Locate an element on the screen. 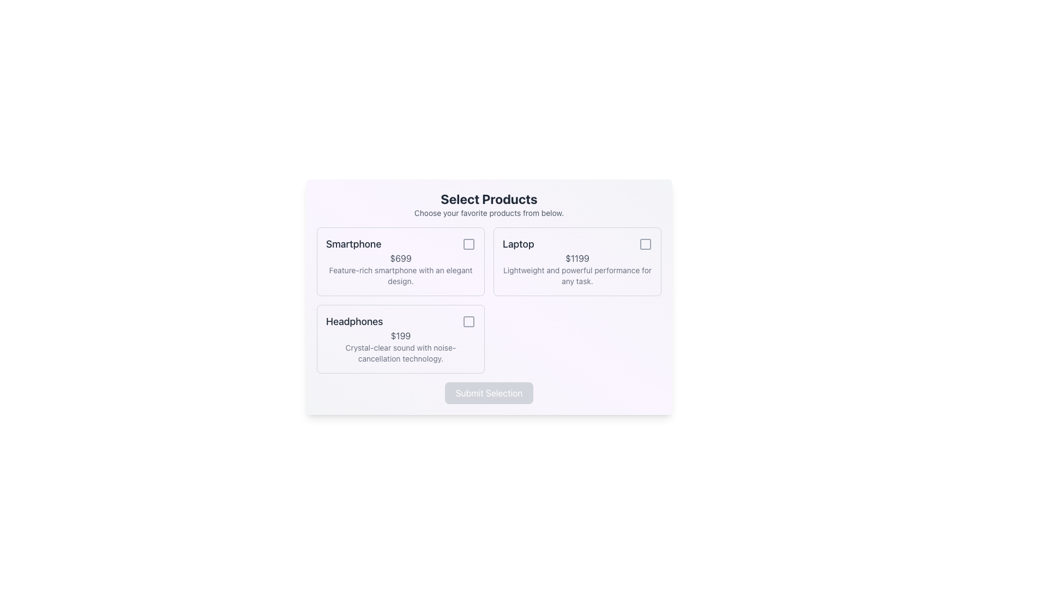 This screenshot has height=589, width=1047. the submit button located below the product selection grid, which allows the user is located at coordinates (489, 393).